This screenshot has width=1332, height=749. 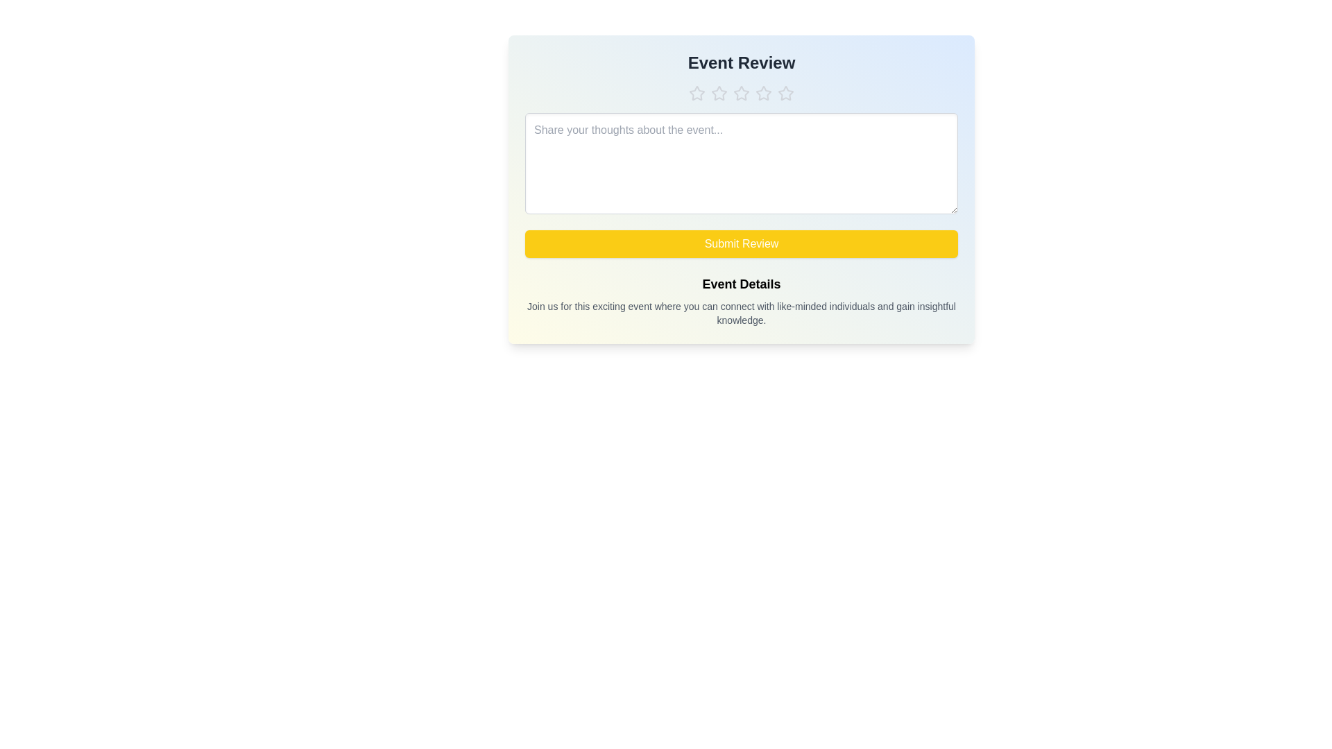 What do you see at coordinates (719, 94) in the screenshot?
I see `the star corresponding to 2 to set the rating` at bounding box center [719, 94].